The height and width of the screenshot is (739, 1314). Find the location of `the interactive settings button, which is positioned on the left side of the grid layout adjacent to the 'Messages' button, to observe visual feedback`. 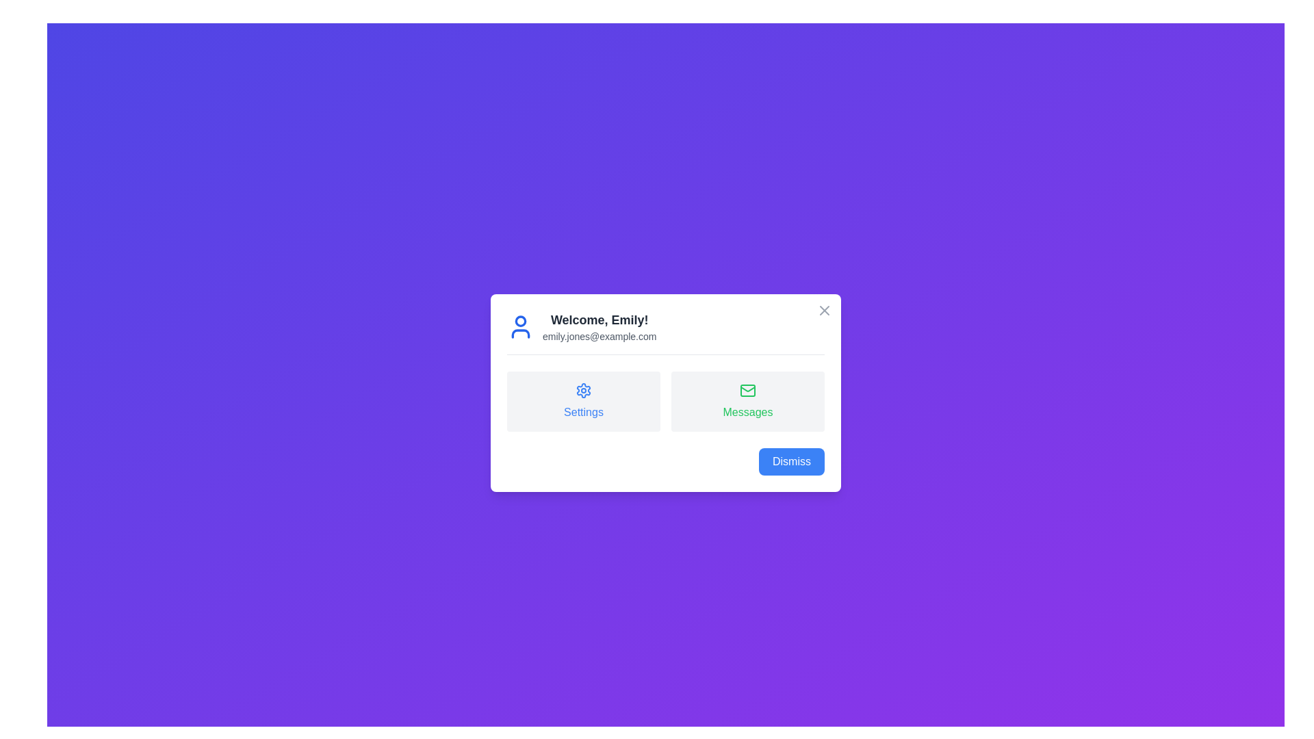

the interactive settings button, which is positioned on the left side of the grid layout adjacent to the 'Messages' button, to observe visual feedback is located at coordinates (584, 400).